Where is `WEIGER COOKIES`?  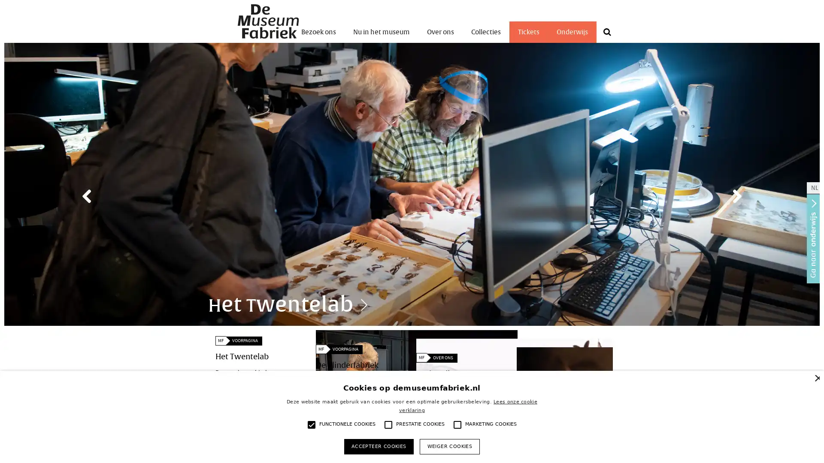 WEIGER COOKIES is located at coordinates (449, 446).